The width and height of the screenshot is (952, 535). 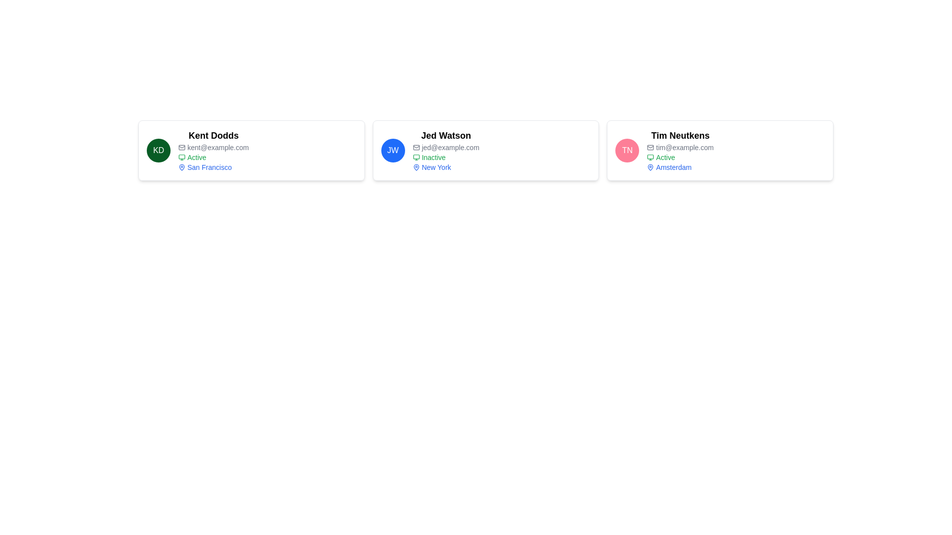 I want to click on the rectangular icon representing the envelope in the SVG of the mail icon located in the top-right portion of the card interface labeled 'Tim Neutkens', so click(x=651, y=147).